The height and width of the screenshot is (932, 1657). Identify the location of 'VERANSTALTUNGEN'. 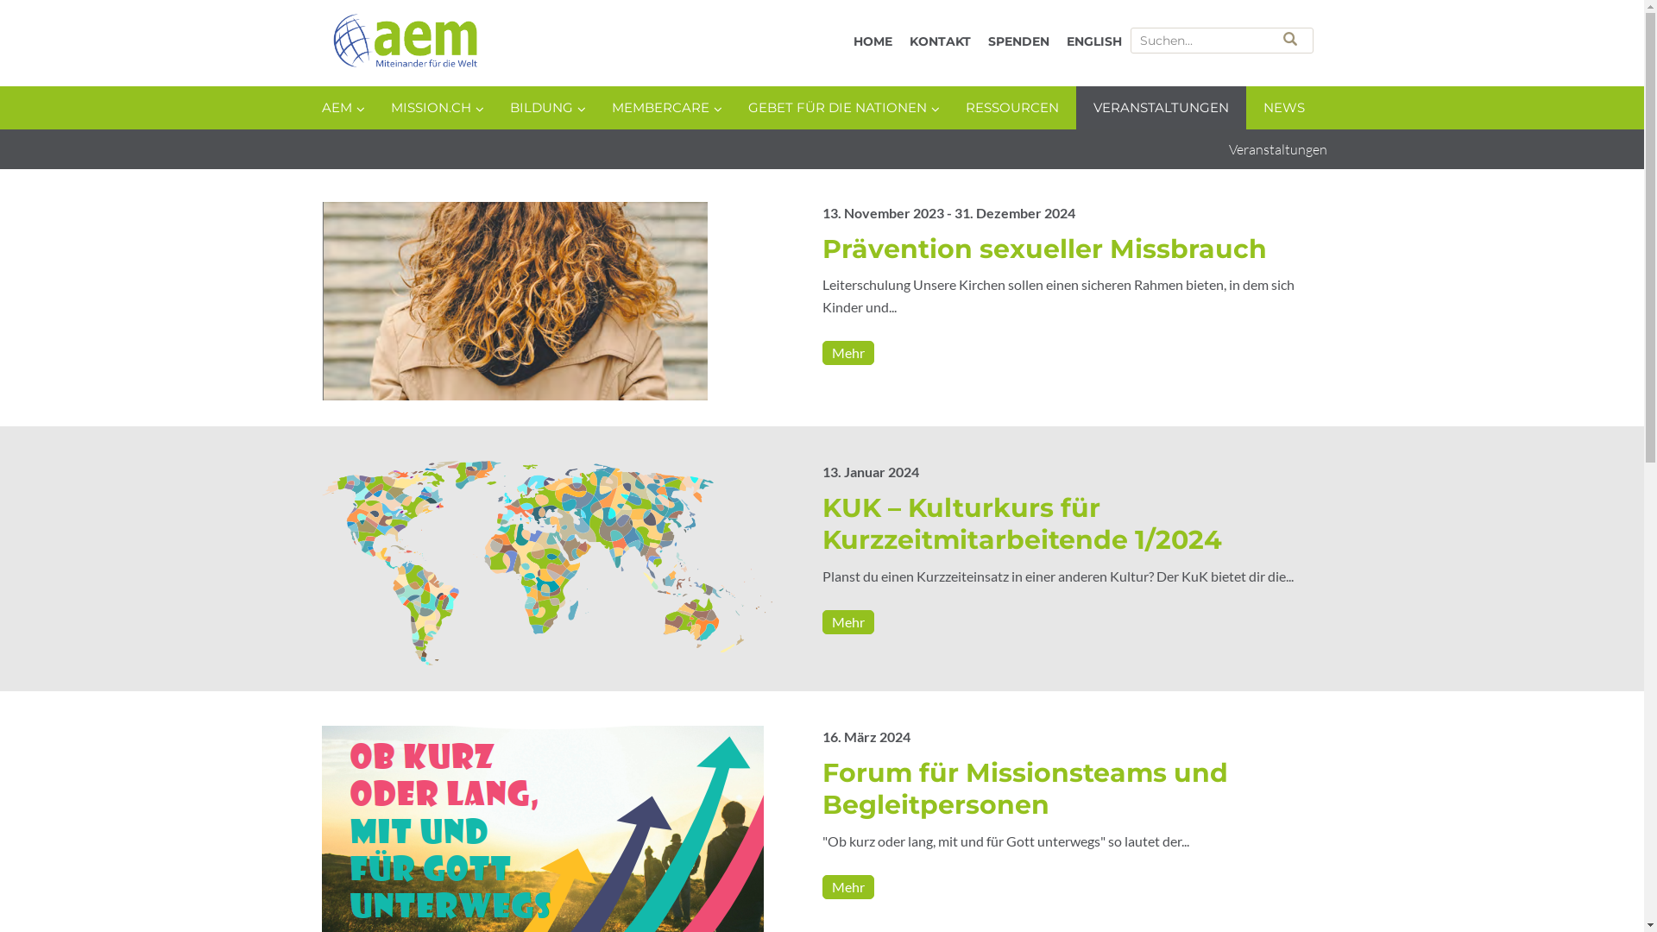
(1160, 107).